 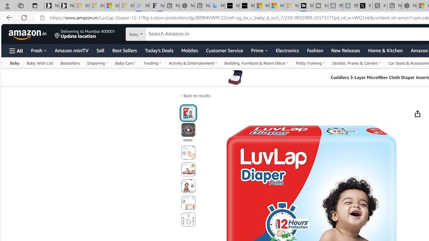 I want to click on 'Today', so click(x=159, y=50).